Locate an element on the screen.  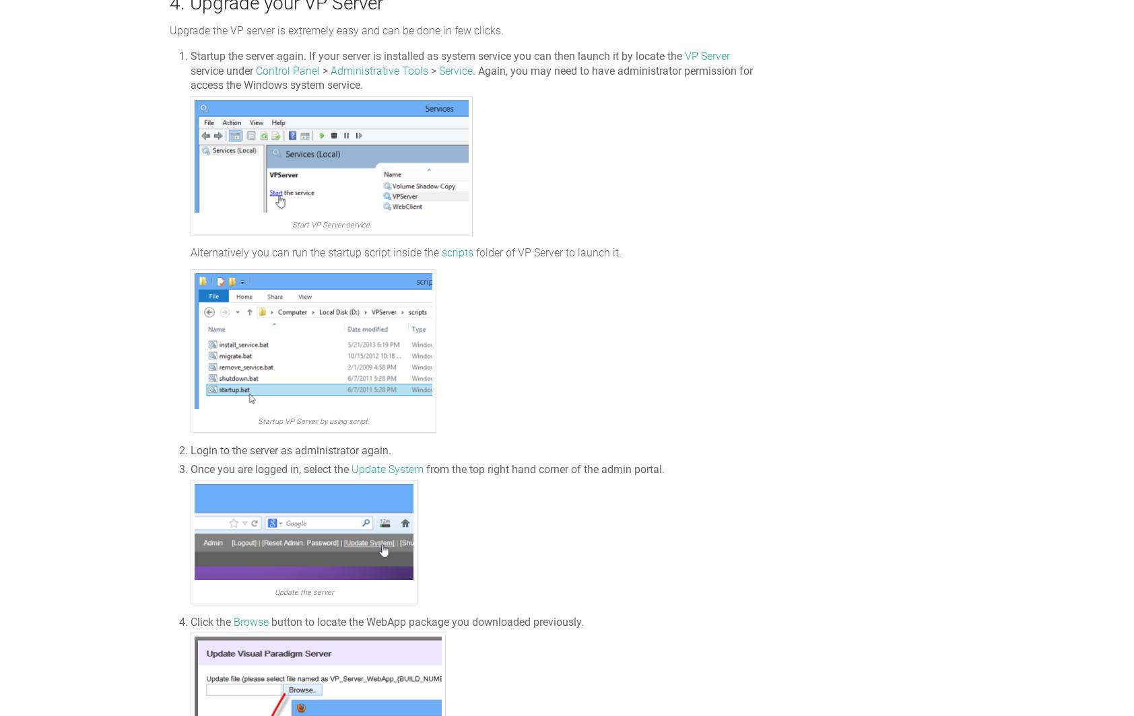
'Alternatively you can run the startup script inside the' is located at coordinates (191, 252).